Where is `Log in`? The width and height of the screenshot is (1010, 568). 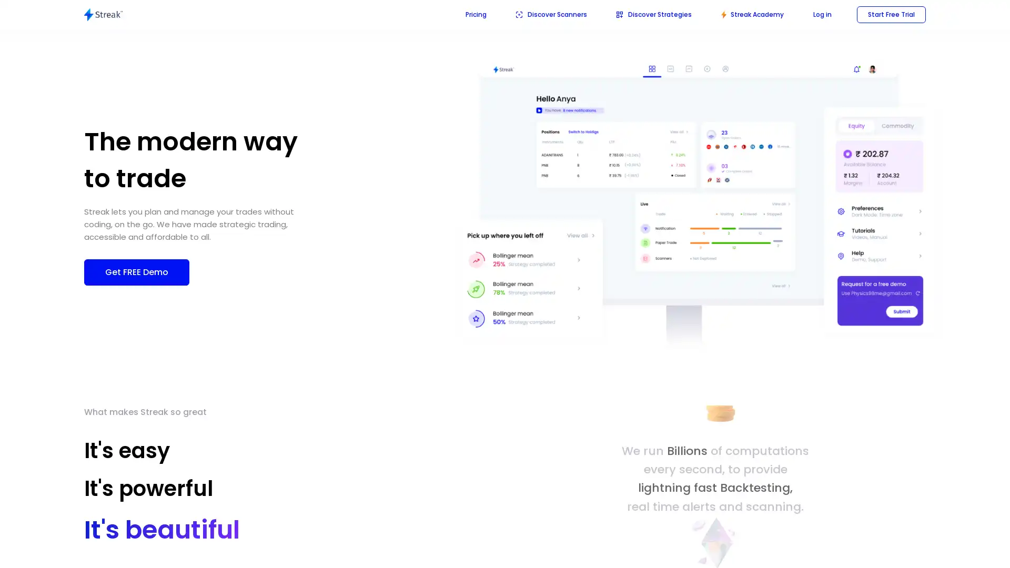 Log in is located at coordinates (822, 14).